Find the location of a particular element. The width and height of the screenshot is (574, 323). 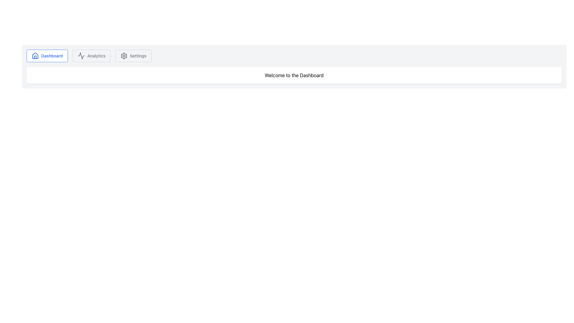

the 'Settings' button, which is a gray button with a gear icon on its left, located in the horizontal navigation bar as the third button is located at coordinates (133, 56).